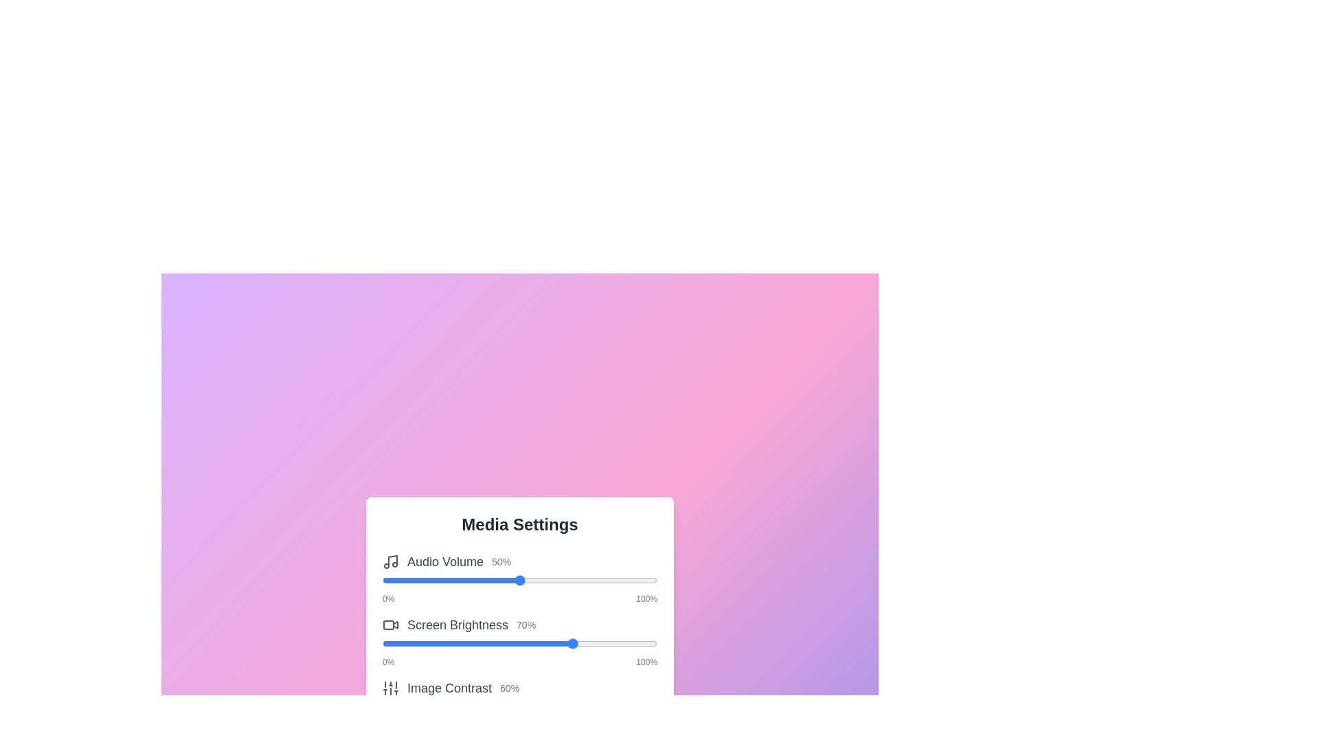 This screenshot has height=742, width=1319. I want to click on the slider to 80% to observe the visual feedback, so click(602, 580).